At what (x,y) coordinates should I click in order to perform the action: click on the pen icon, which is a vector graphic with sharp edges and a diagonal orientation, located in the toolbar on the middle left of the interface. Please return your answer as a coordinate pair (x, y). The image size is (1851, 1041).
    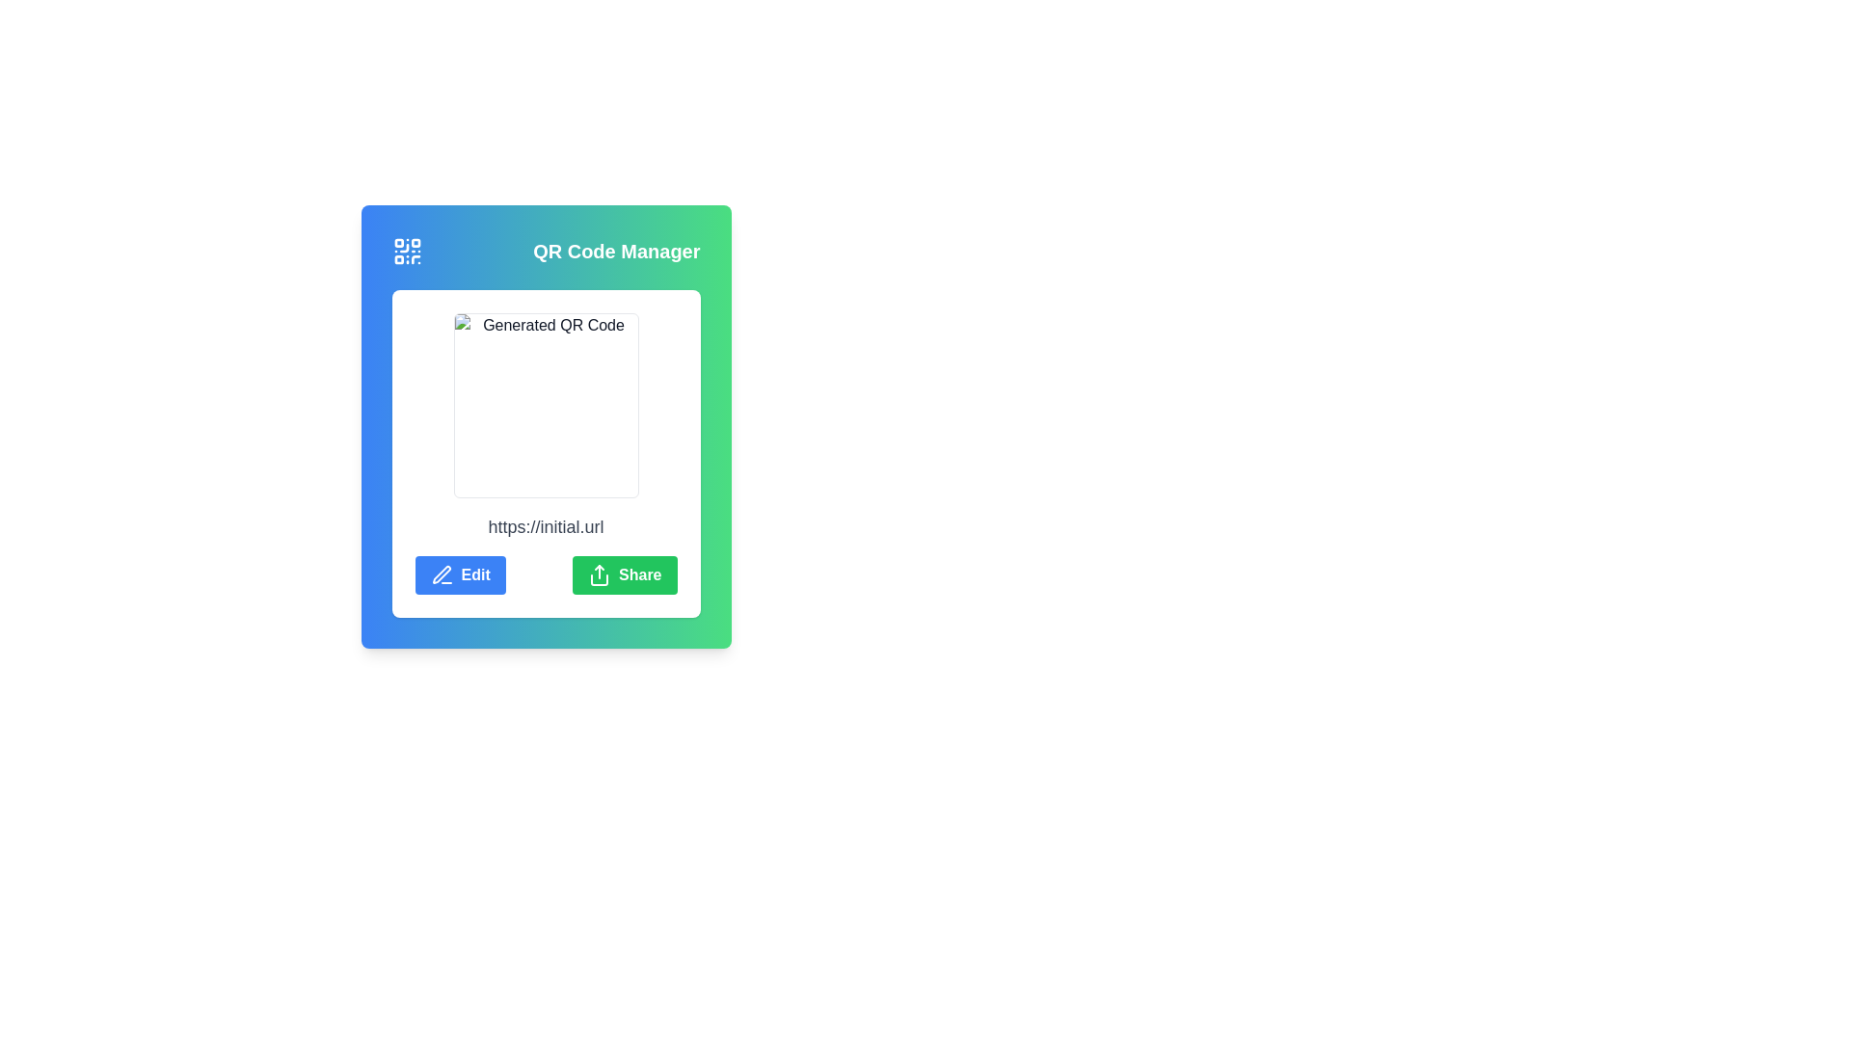
    Looking at the image, I should click on (440, 574).